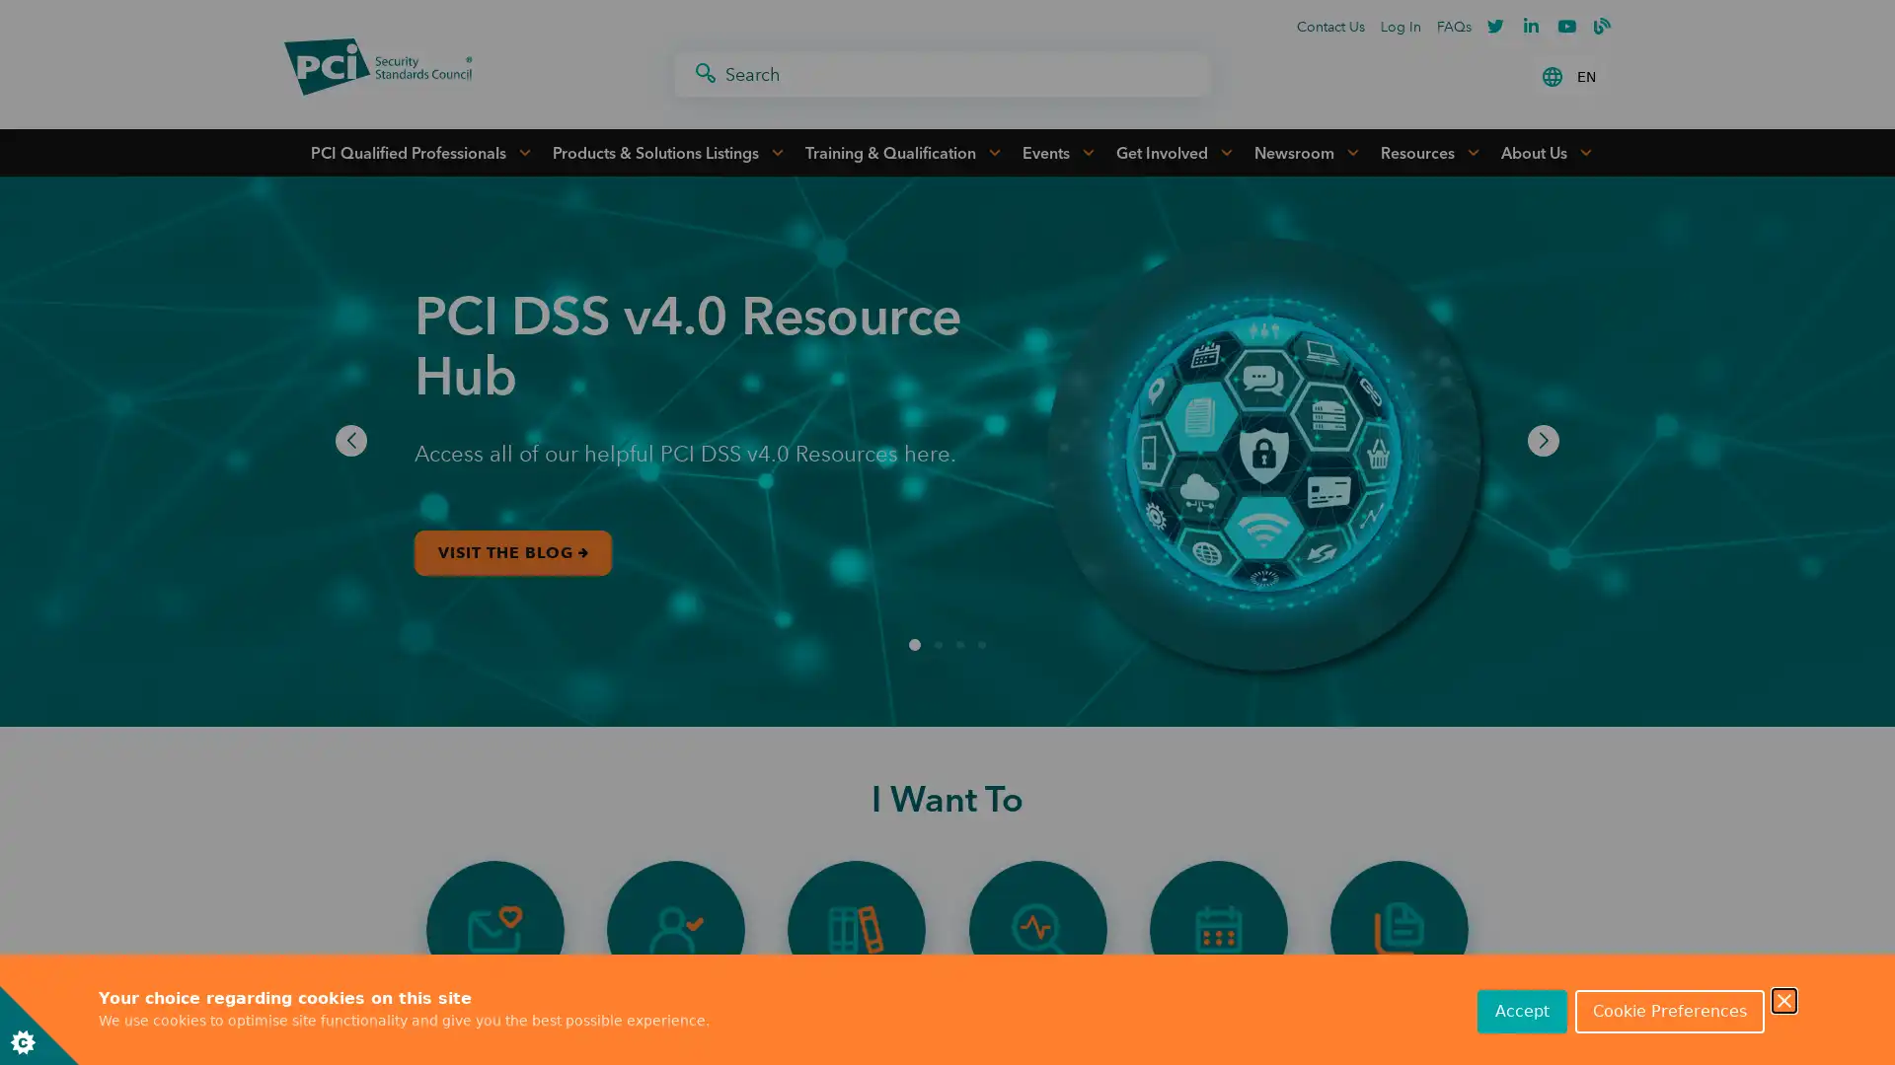 The height and width of the screenshot is (1065, 1895). I want to click on Accept, so click(1521, 1012).